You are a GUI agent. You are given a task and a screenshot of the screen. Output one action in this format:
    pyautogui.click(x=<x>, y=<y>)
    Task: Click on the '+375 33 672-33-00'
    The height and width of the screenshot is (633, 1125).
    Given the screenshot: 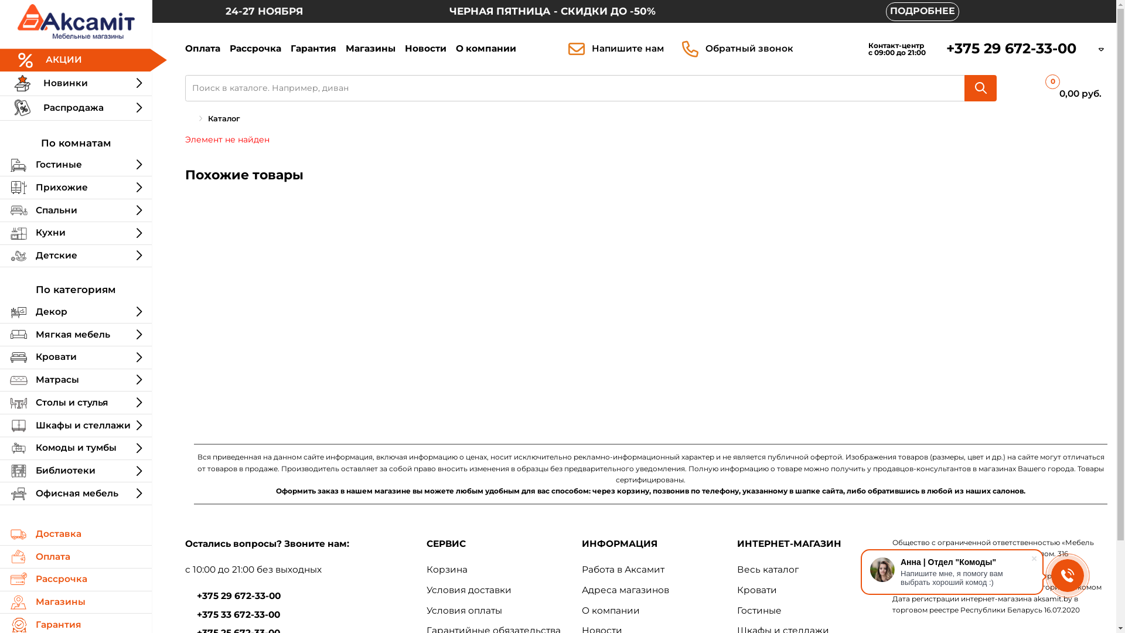 What is the action you would take?
    pyautogui.click(x=238, y=614)
    